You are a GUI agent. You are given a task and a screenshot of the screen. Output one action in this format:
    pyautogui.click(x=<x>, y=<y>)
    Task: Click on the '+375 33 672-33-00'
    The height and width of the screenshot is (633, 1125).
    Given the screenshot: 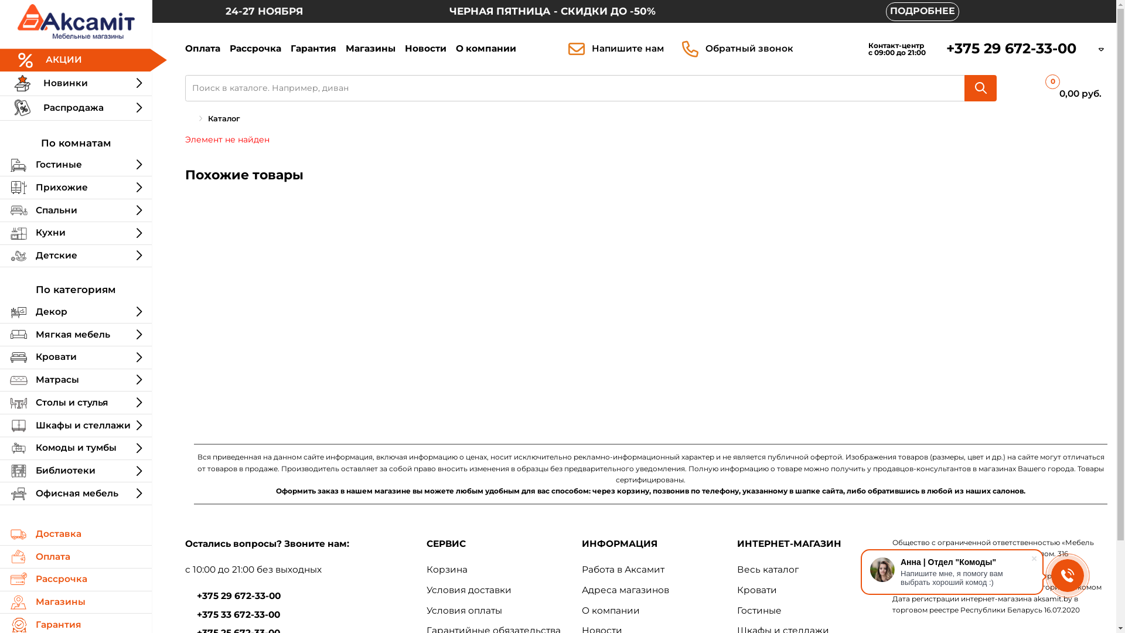 What is the action you would take?
    pyautogui.click(x=238, y=614)
    